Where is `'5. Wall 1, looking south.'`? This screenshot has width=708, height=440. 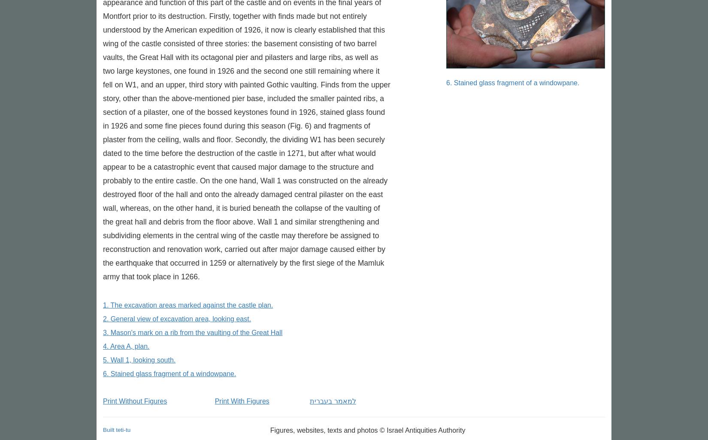 '5. Wall 1, looking south.' is located at coordinates (139, 360).